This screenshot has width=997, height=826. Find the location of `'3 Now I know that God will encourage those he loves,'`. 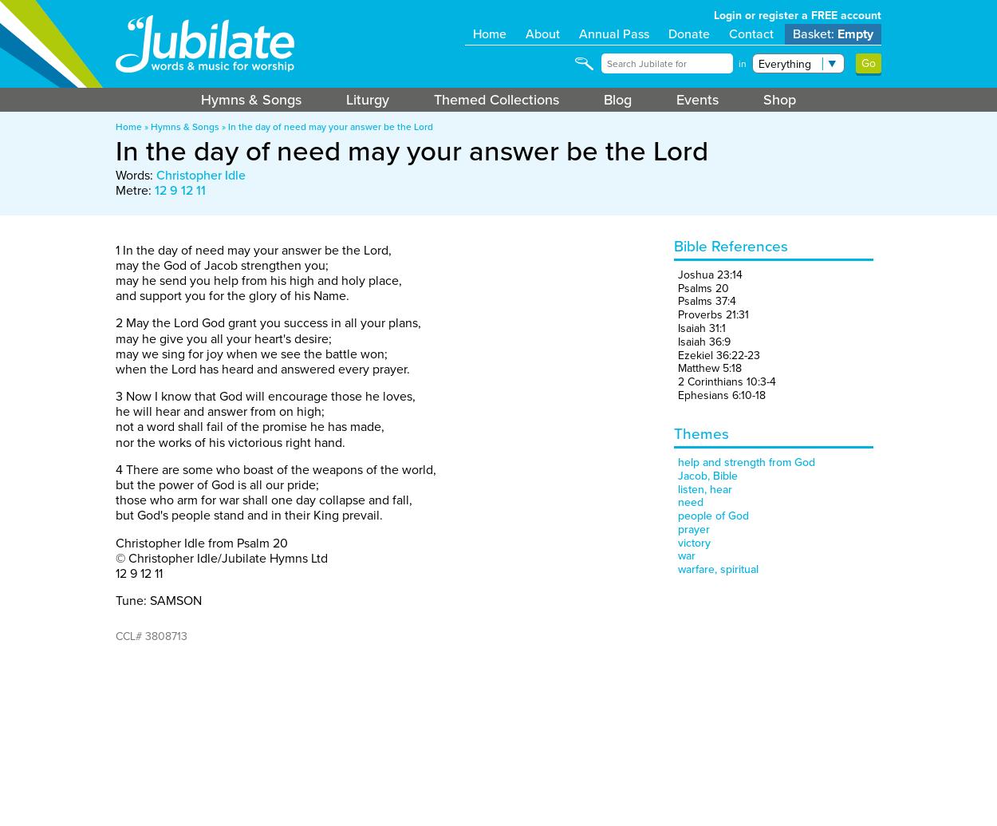

'3 Now I know that God will encourage those he loves,' is located at coordinates (265, 397).